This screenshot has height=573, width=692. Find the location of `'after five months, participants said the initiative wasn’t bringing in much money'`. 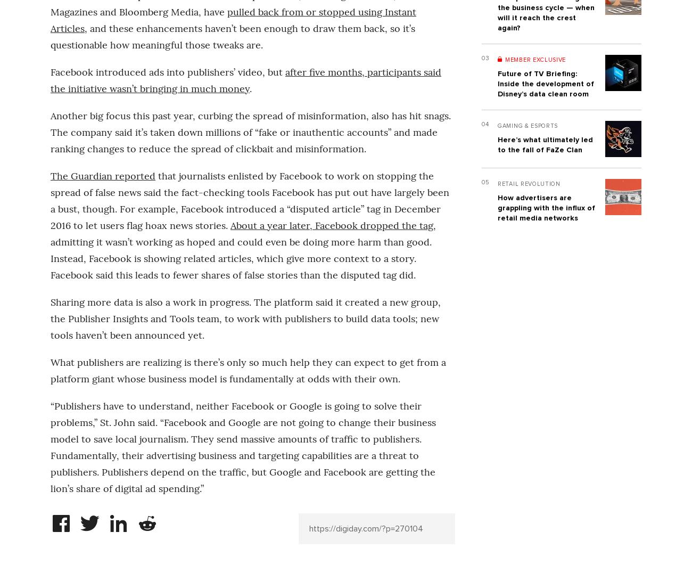

'after five months, participants said the initiative wasn’t bringing in much money' is located at coordinates (245, 79).